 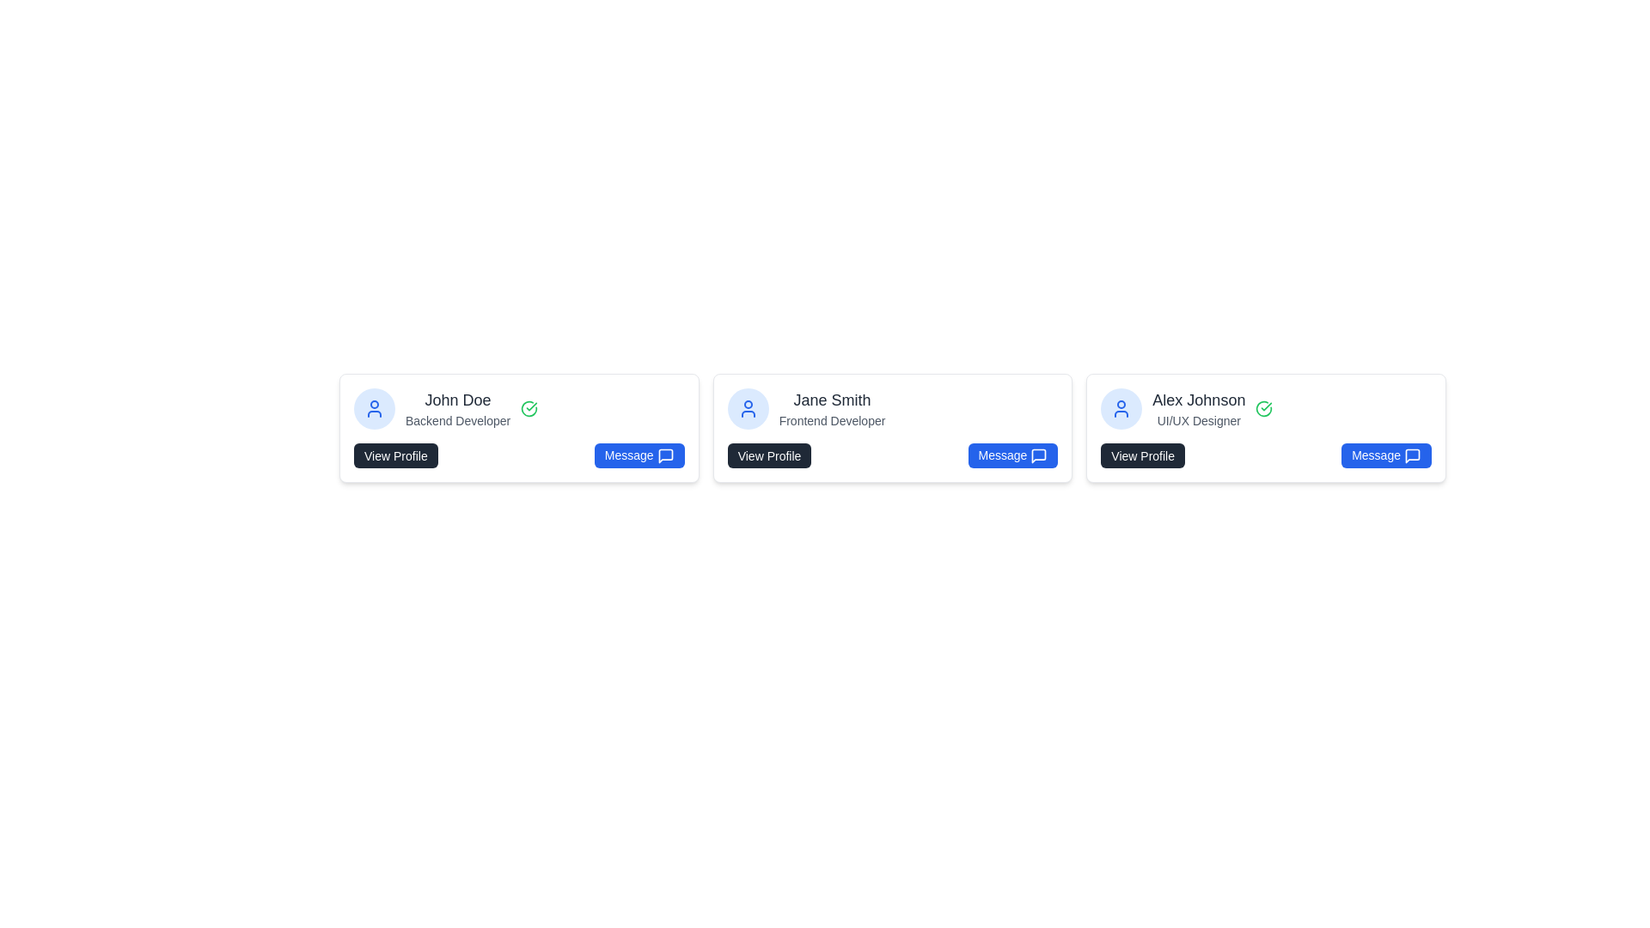 What do you see at coordinates (458, 408) in the screenshot?
I see `the text display label showing 'John Doe' and 'Backend Developer' in gray hues, located at the top center of the leftmost profile card` at bounding box center [458, 408].